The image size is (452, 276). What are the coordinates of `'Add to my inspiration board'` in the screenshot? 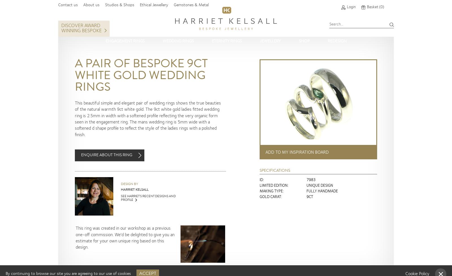 It's located at (297, 152).